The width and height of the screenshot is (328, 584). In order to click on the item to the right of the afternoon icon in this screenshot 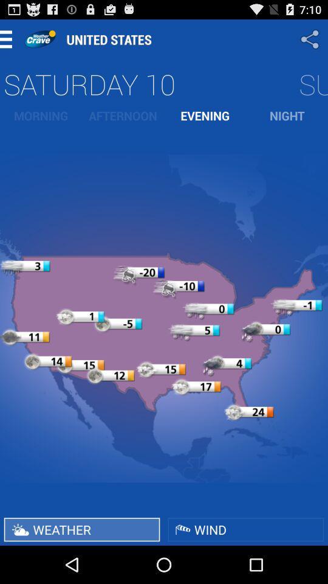, I will do `click(205, 116)`.